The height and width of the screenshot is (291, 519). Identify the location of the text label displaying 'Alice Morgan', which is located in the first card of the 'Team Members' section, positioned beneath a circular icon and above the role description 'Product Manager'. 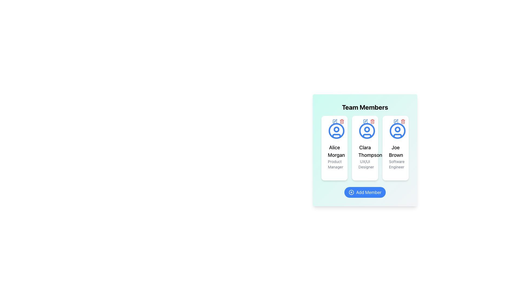
(334, 151).